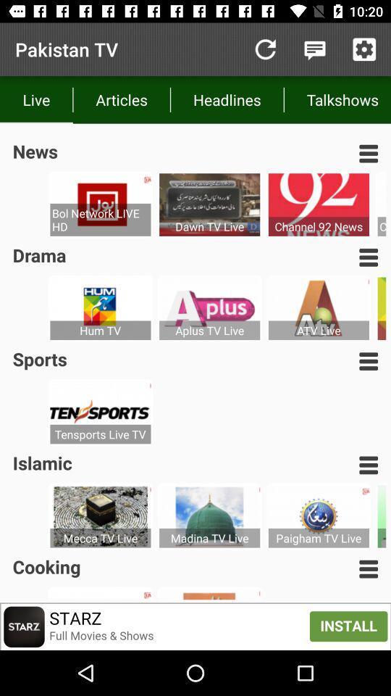  I want to click on bol network live icon, so click(99, 220).